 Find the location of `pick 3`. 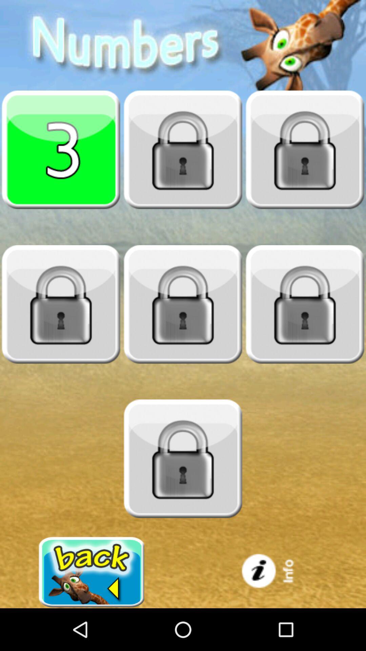

pick 3 is located at coordinates (61, 149).